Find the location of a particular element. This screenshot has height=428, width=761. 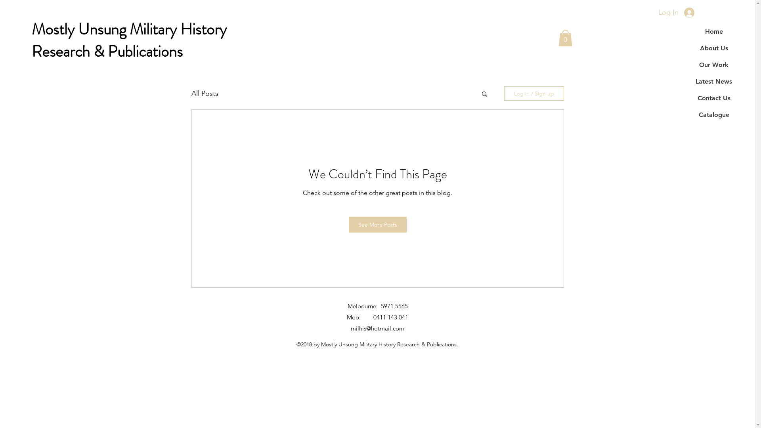

'Contact Us' is located at coordinates (713, 97).